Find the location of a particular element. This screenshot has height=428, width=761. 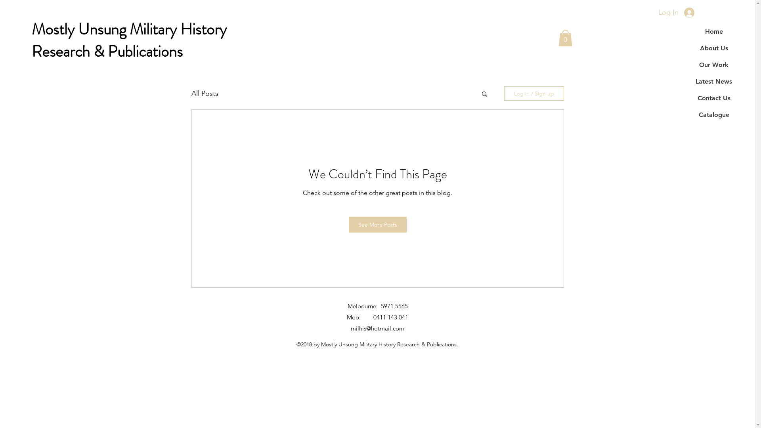

'Contact Us' is located at coordinates (713, 97).